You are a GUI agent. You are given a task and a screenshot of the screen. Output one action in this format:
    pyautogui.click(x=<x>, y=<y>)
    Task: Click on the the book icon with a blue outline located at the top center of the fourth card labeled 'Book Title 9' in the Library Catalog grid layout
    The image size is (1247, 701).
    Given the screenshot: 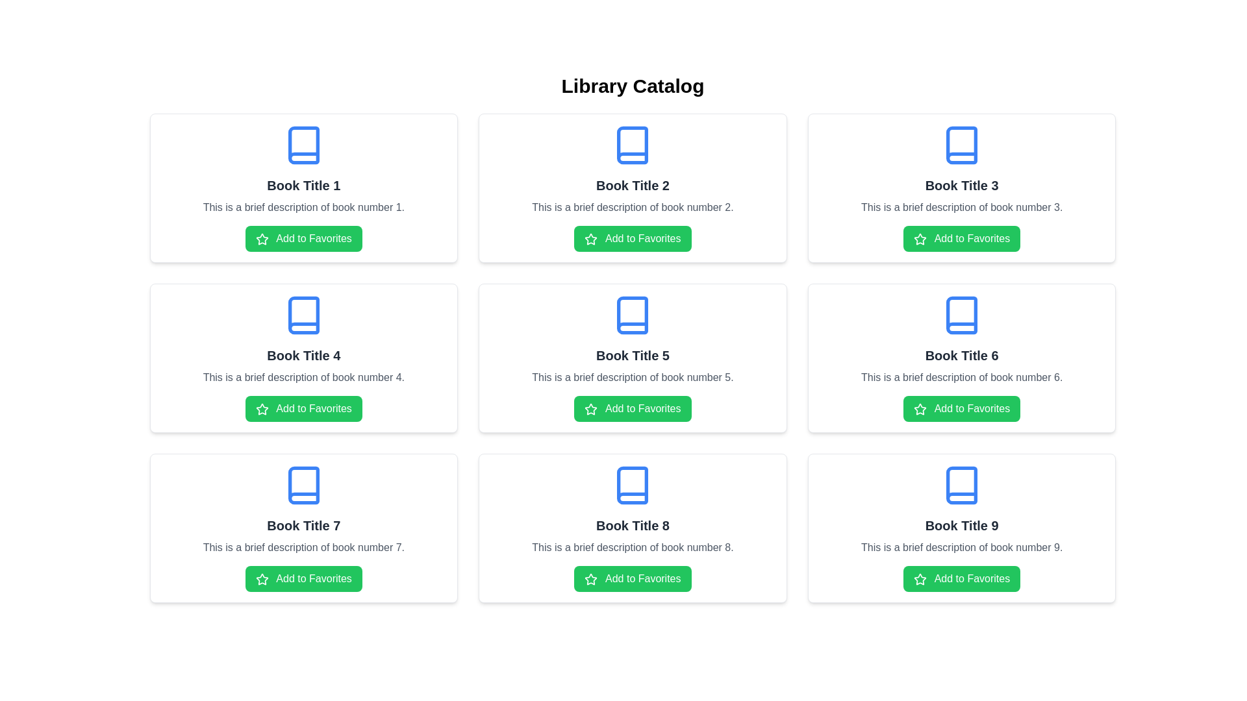 What is the action you would take?
    pyautogui.click(x=962, y=486)
    